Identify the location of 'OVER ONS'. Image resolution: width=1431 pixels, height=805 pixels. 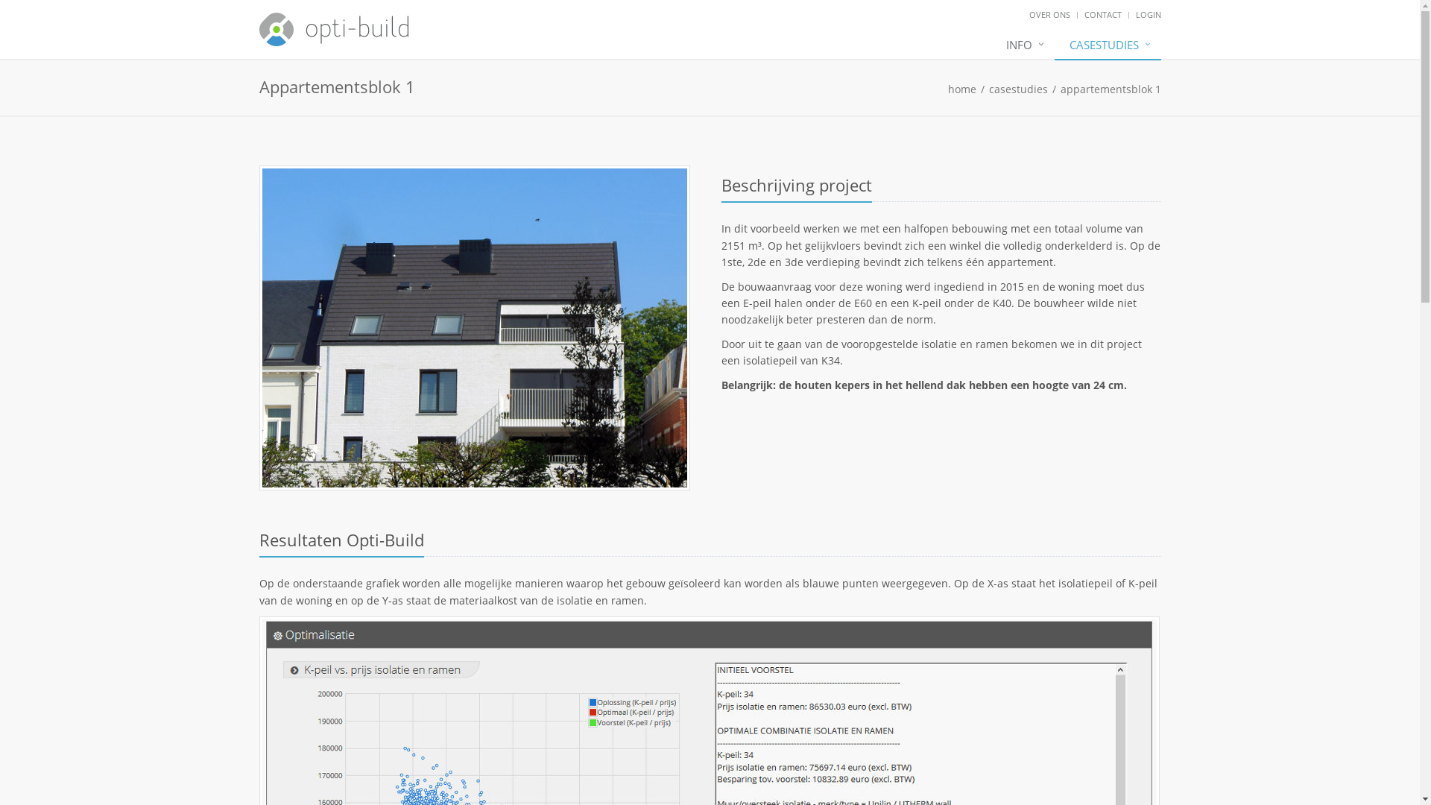
(1028, 14).